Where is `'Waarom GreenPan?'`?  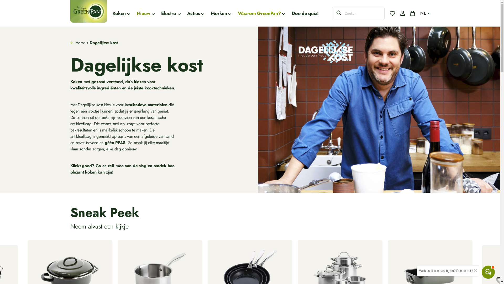 'Waarom GreenPan?' is located at coordinates (261, 13).